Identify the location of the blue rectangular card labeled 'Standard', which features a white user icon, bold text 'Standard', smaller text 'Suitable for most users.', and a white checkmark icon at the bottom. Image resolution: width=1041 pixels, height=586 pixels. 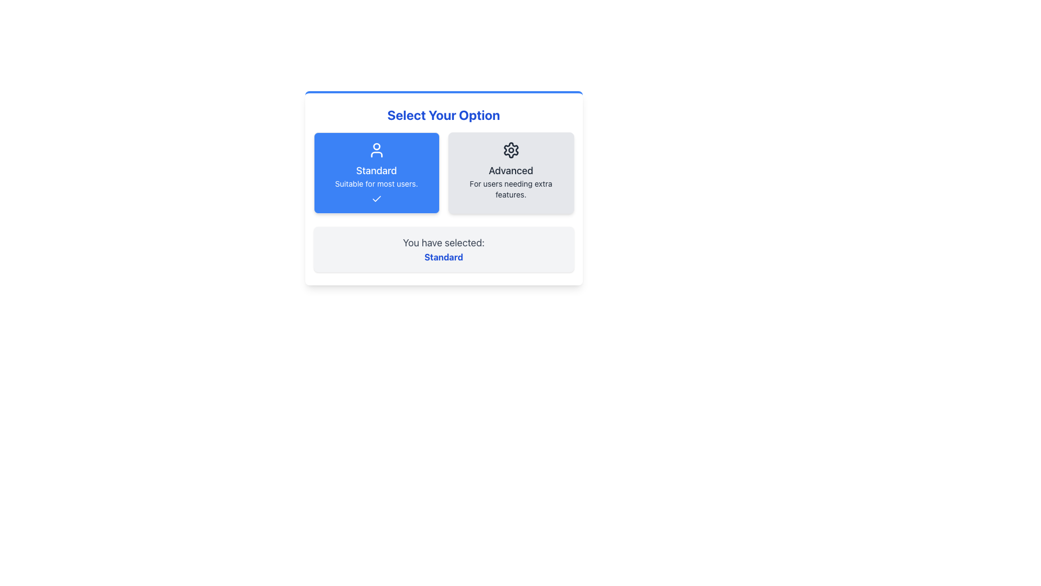
(376, 173).